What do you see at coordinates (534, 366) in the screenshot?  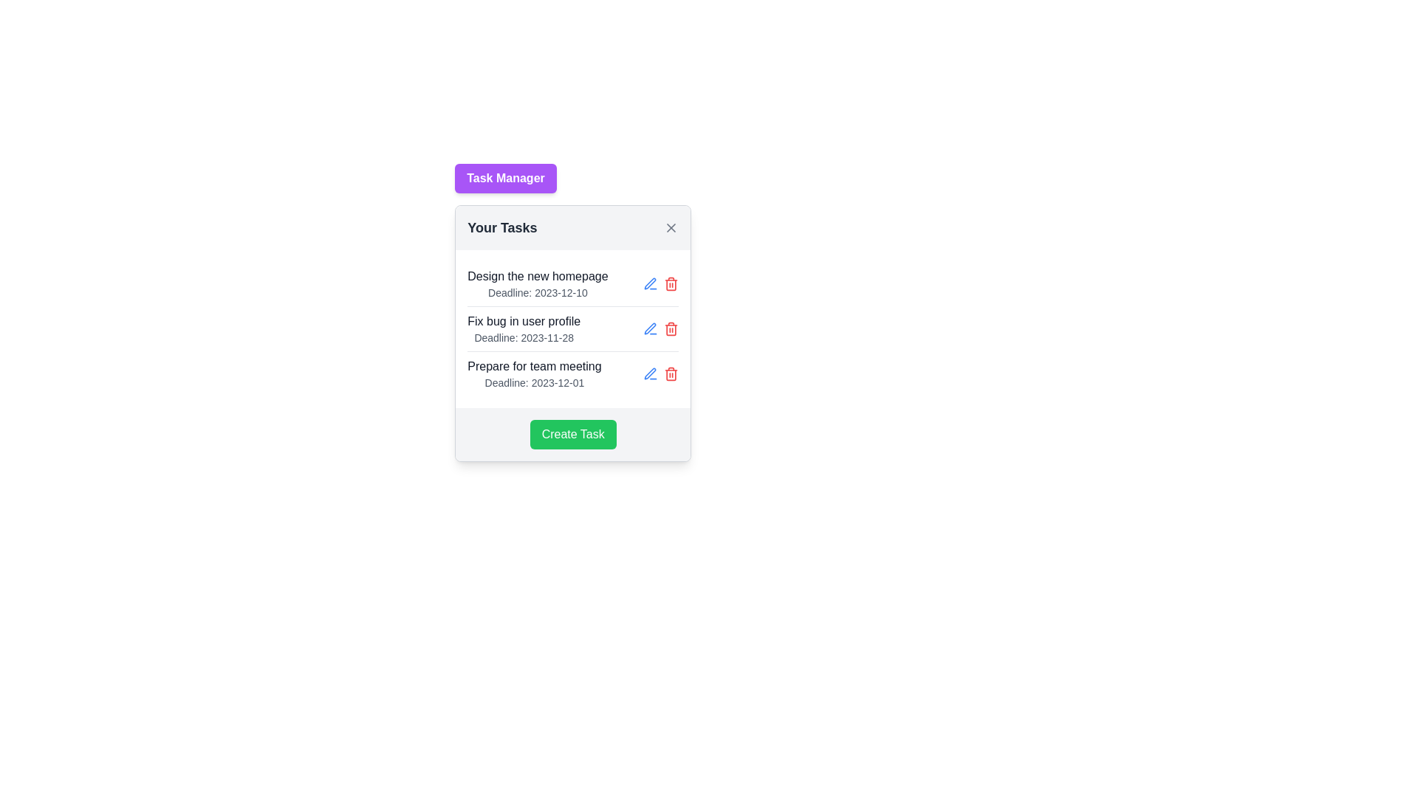 I see `the task title text label` at bounding box center [534, 366].